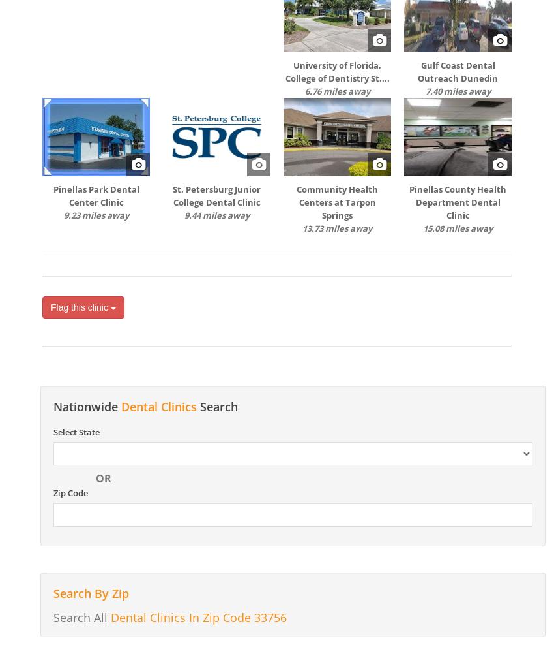 The width and height of the screenshot is (554, 645). I want to click on '9.44 miles away', so click(216, 215).